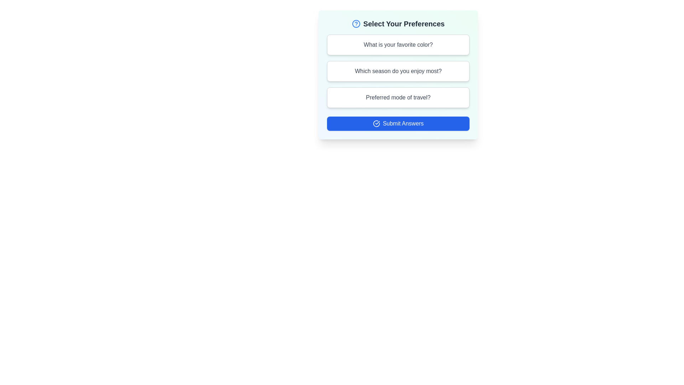  I want to click on the question card labeled 'What is your favorite color?' to preview its selection state, so click(398, 45).